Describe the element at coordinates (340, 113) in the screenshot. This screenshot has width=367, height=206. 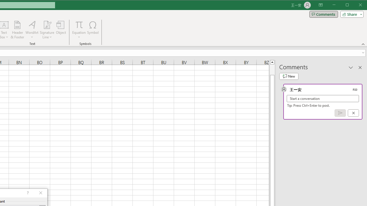
I see `'Post comment (Ctrl + Enter)'` at that location.